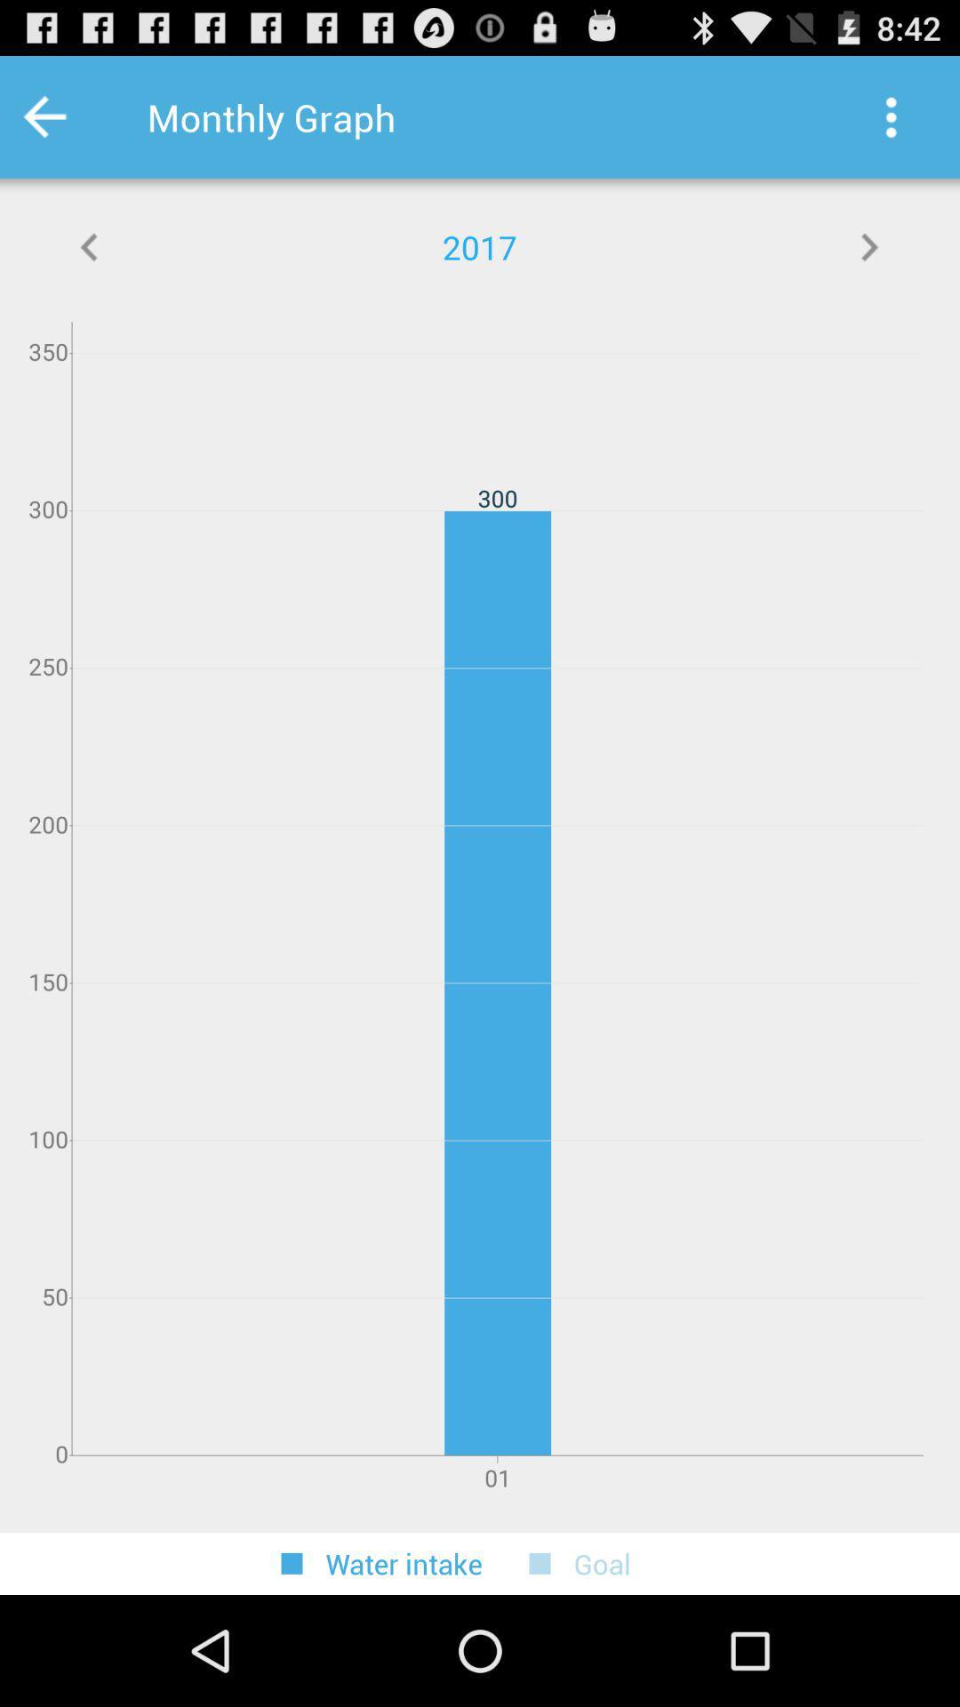 The width and height of the screenshot is (960, 1707). I want to click on icon below monthly graph app, so click(90, 246).